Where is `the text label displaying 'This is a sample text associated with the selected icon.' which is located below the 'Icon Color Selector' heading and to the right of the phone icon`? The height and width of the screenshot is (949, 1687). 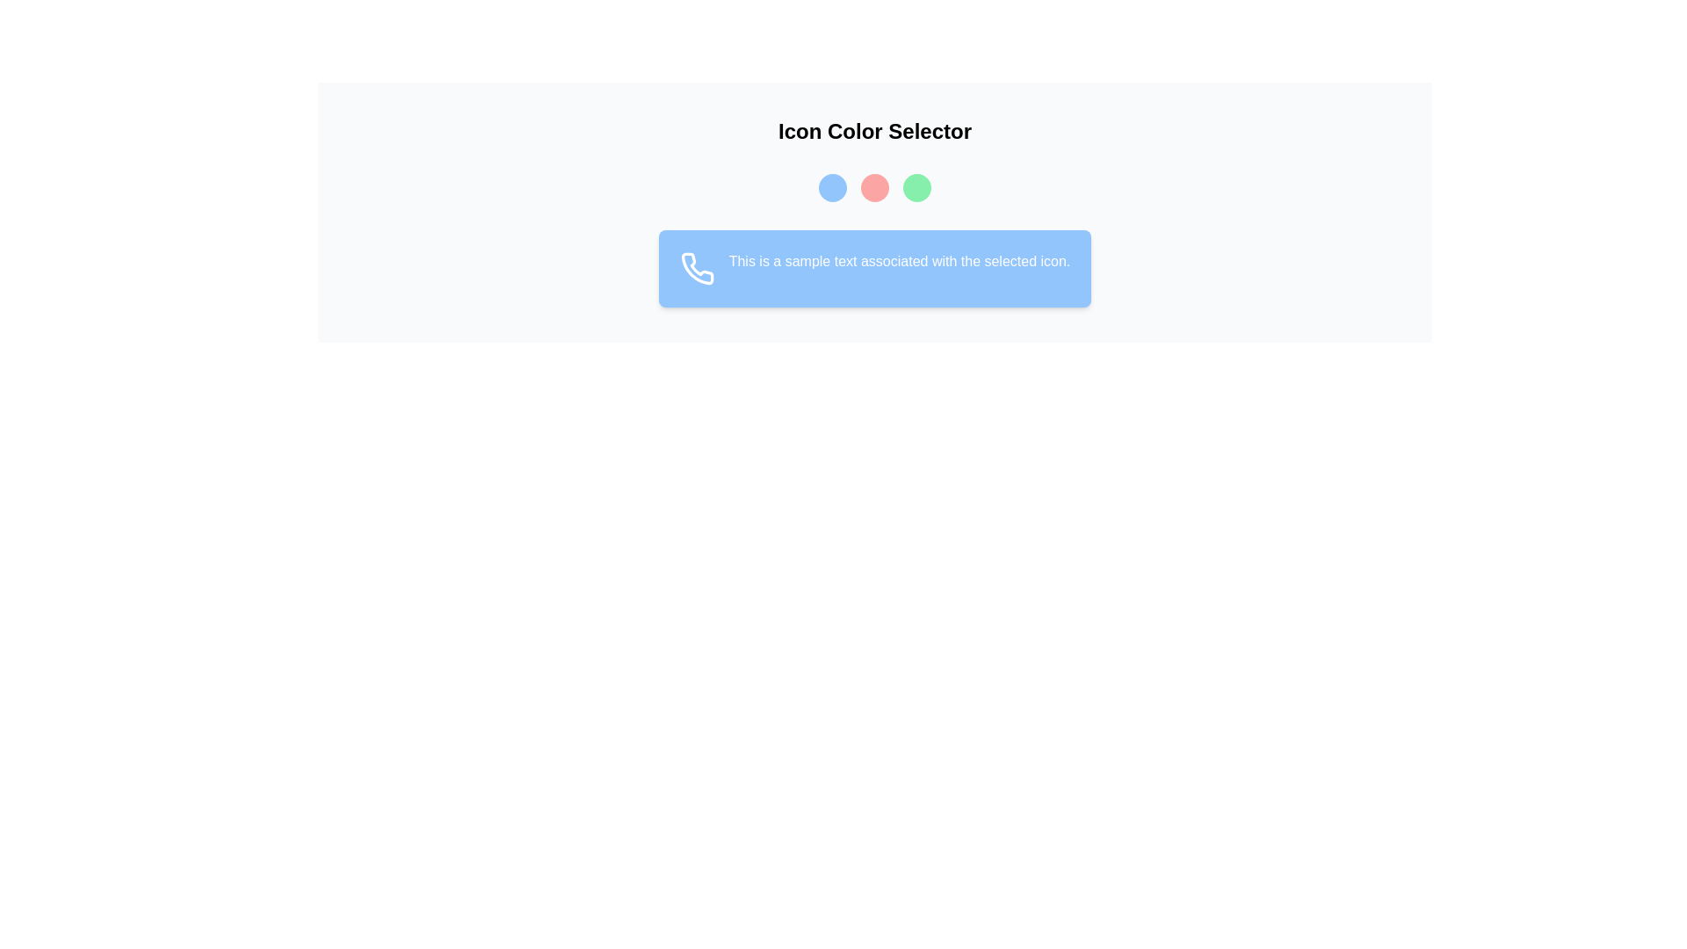 the text label displaying 'This is a sample text associated with the selected icon.' which is located below the 'Icon Color Selector' heading and to the right of the phone icon is located at coordinates (899, 268).